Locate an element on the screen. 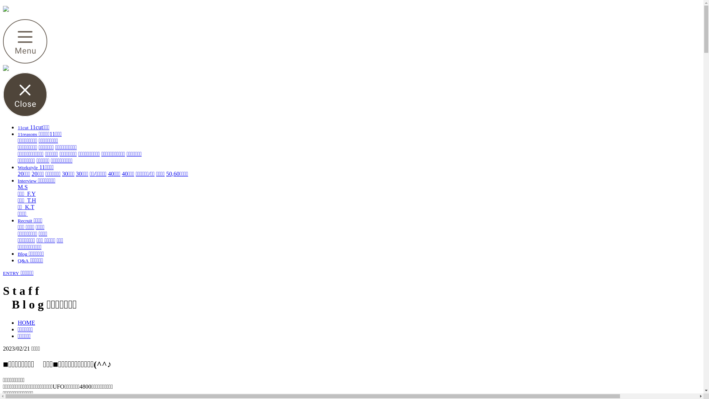 This screenshot has width=709, height=399. 'HOME' is located at coordinates (26, 322).